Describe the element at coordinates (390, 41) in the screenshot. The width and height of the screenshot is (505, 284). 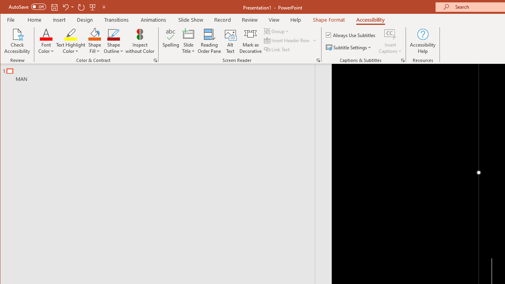
I see `'Insert Captions'` at that location.